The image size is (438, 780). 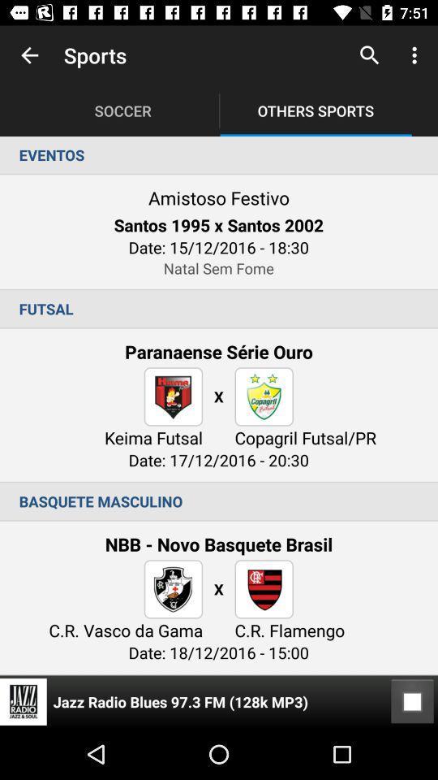 I want to click on icon to the right of the jazz radio blues icon, so click(x=412, y=701).